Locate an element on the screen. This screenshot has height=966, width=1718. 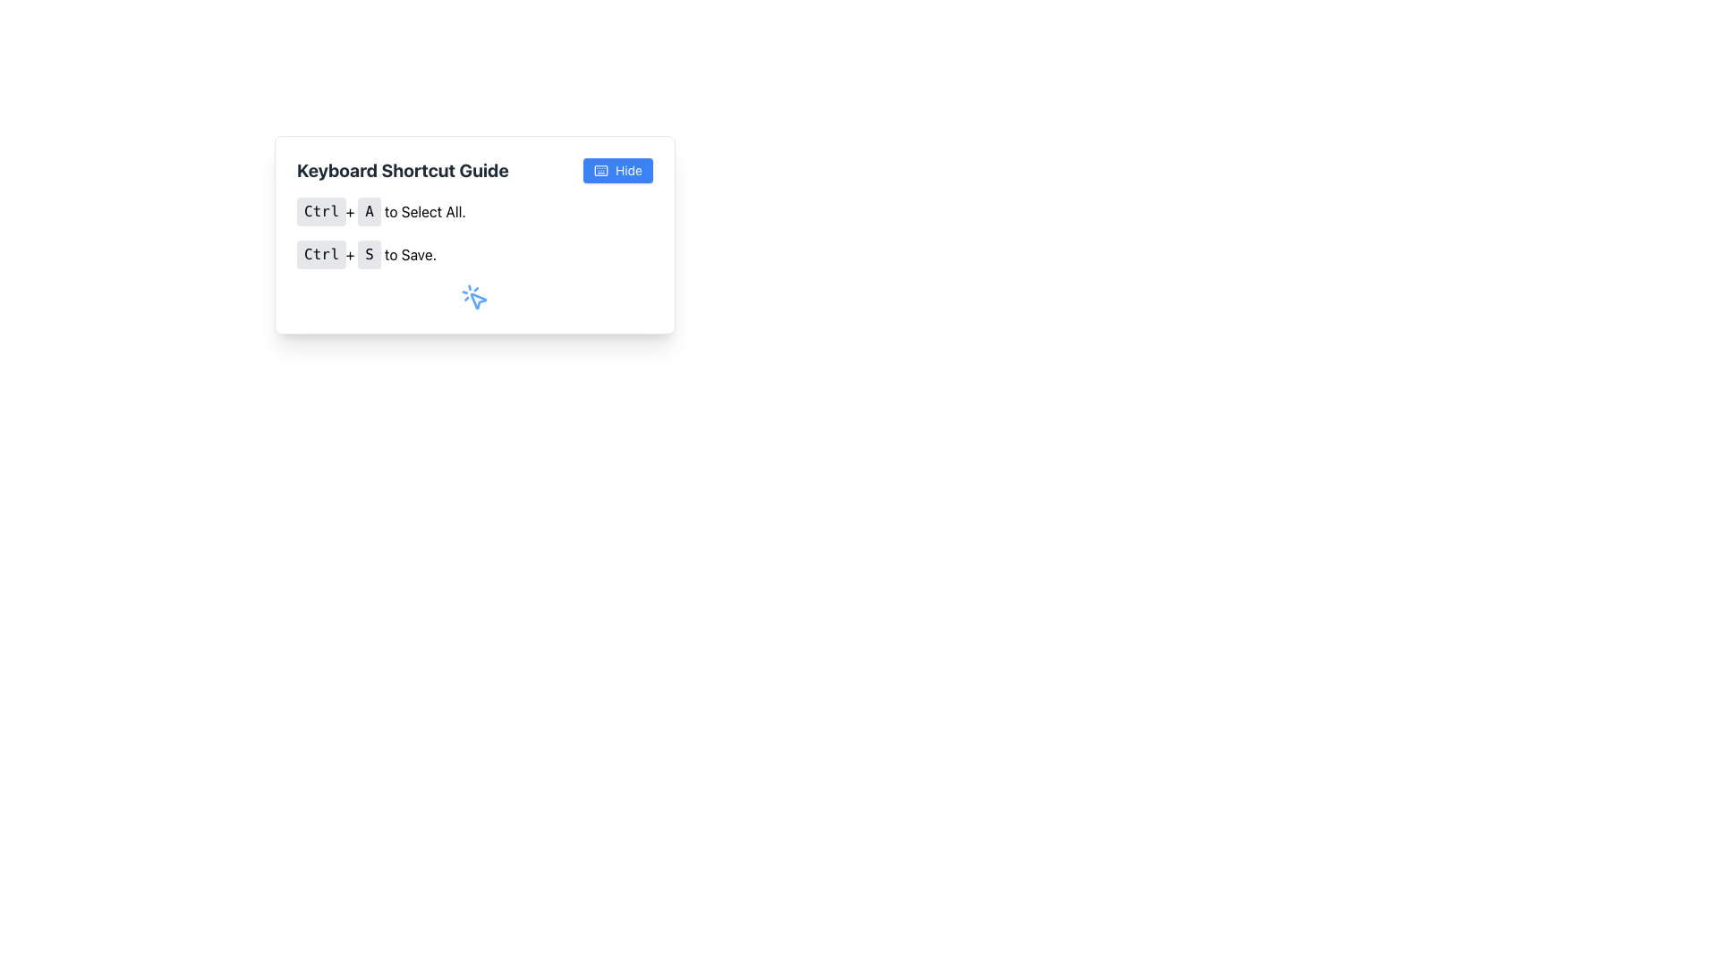
the 'Ctrl' key display element in the keyboard shortcut guide interface, which is the first button-like component in the second line is located at coordinates (321, 255).